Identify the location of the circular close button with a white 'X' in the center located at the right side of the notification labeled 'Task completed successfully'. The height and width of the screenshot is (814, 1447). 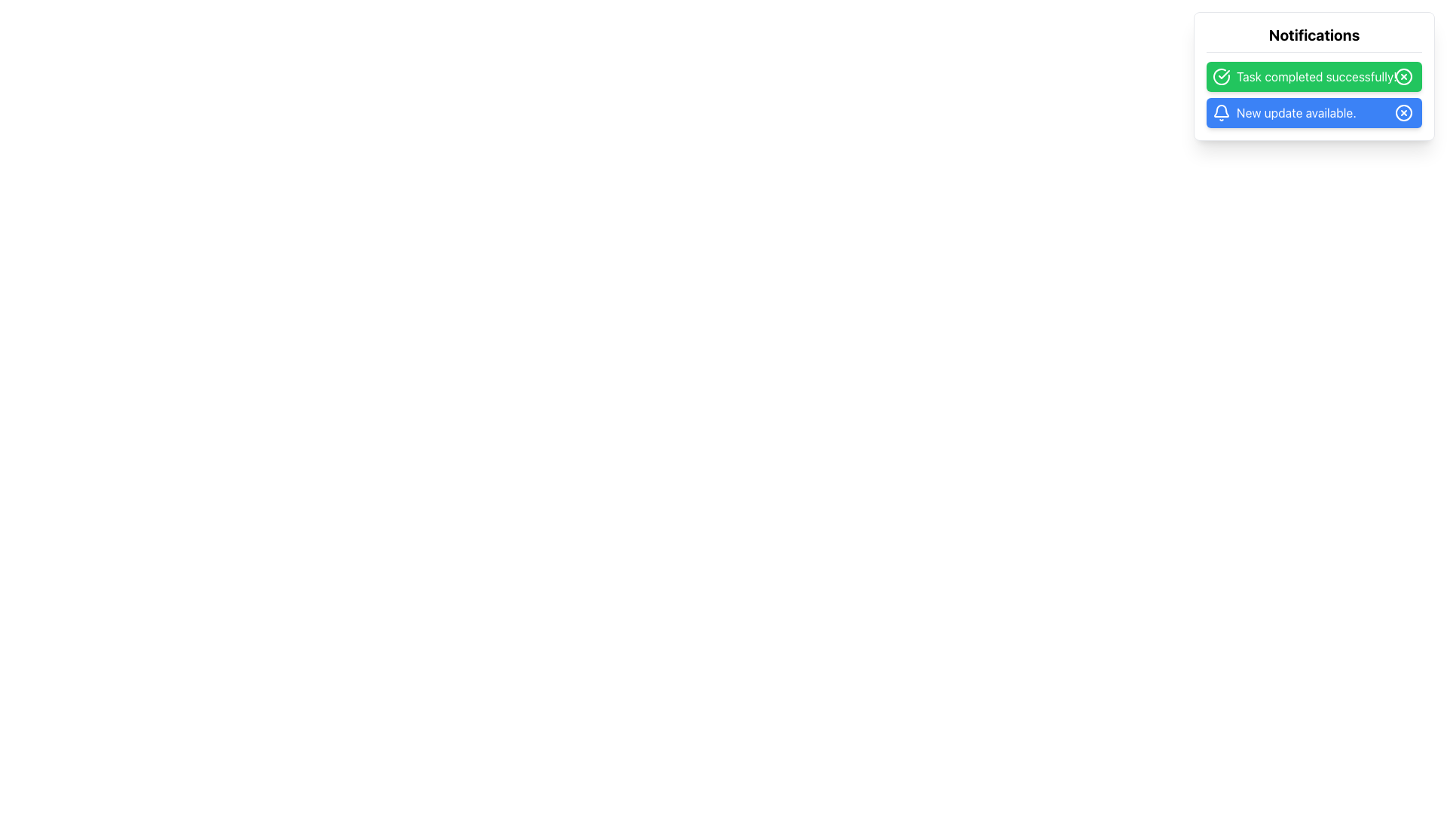
(1403, 76).